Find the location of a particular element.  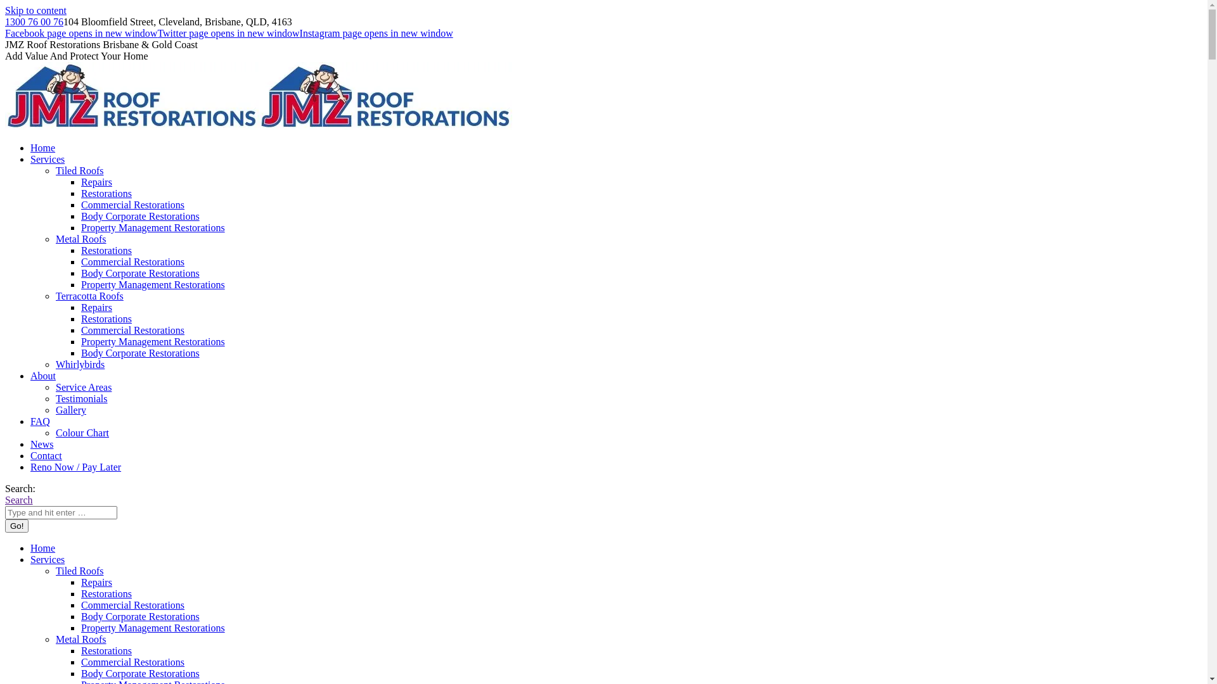

'Whirlybirds' is located at coordinates (55, 364).